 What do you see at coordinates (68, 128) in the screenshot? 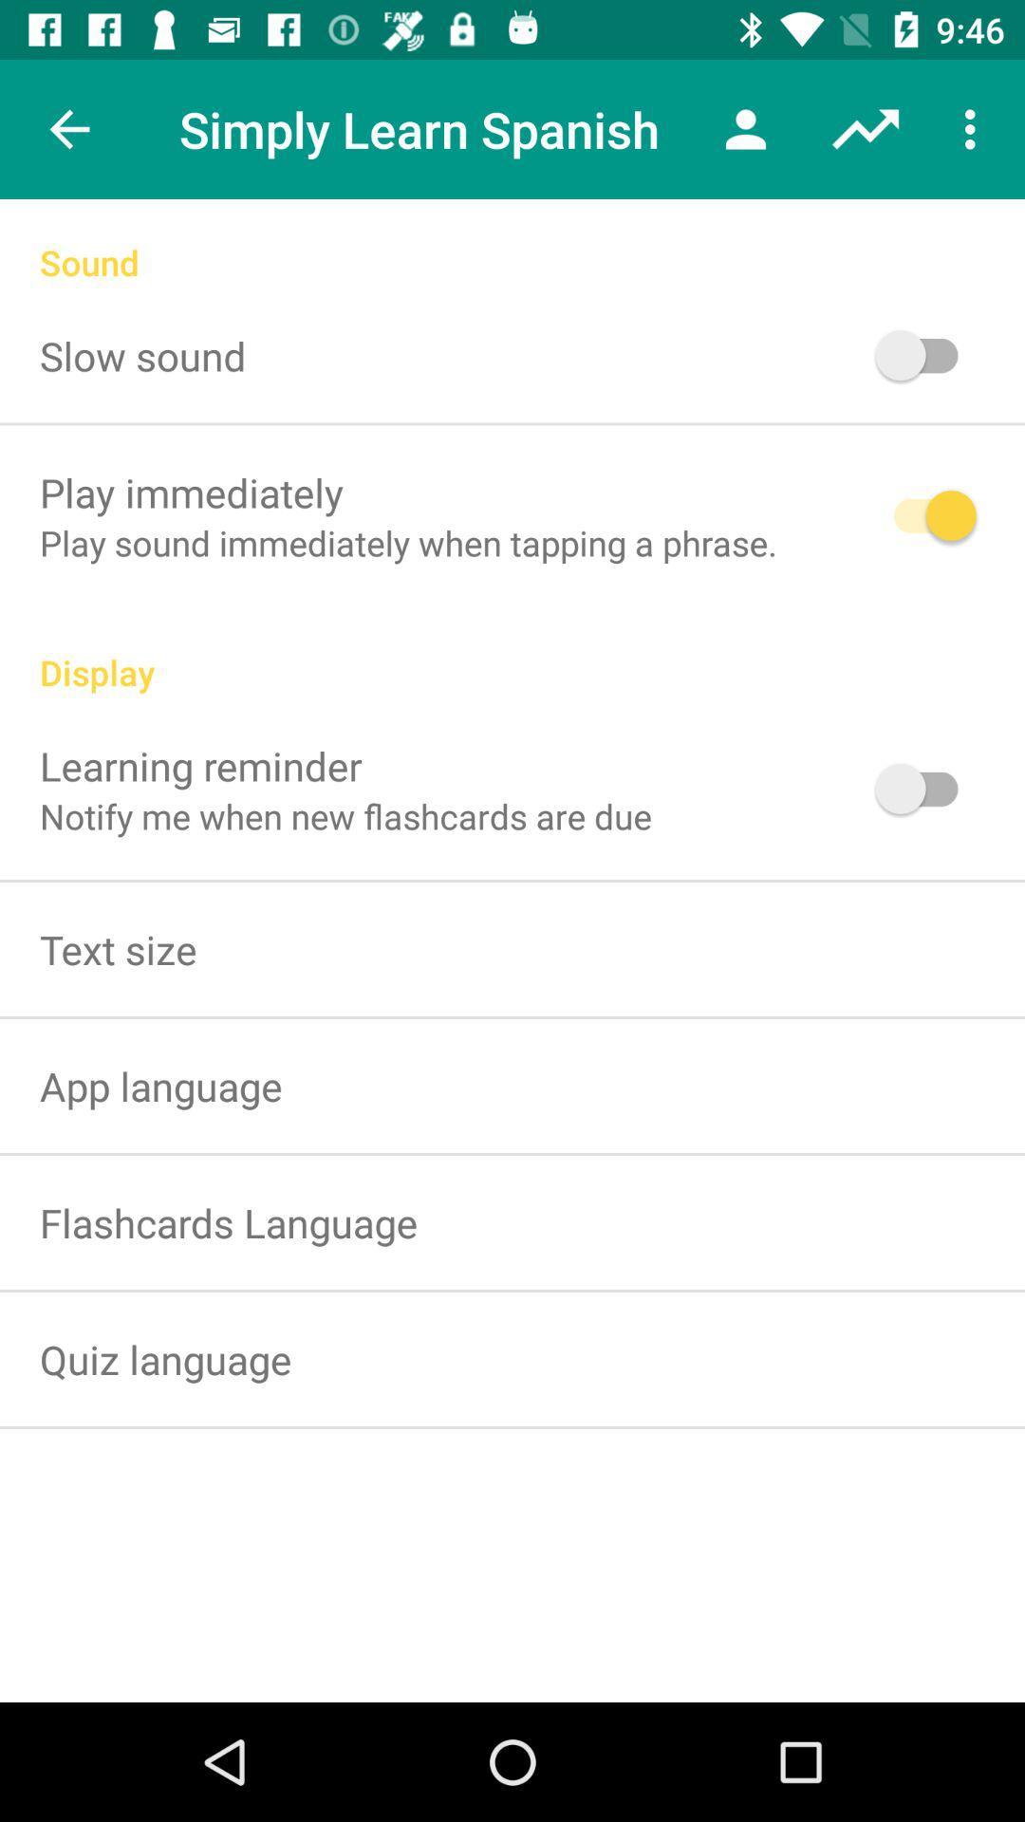
I see `the icon above sound item` at bounding box center [68, 128].